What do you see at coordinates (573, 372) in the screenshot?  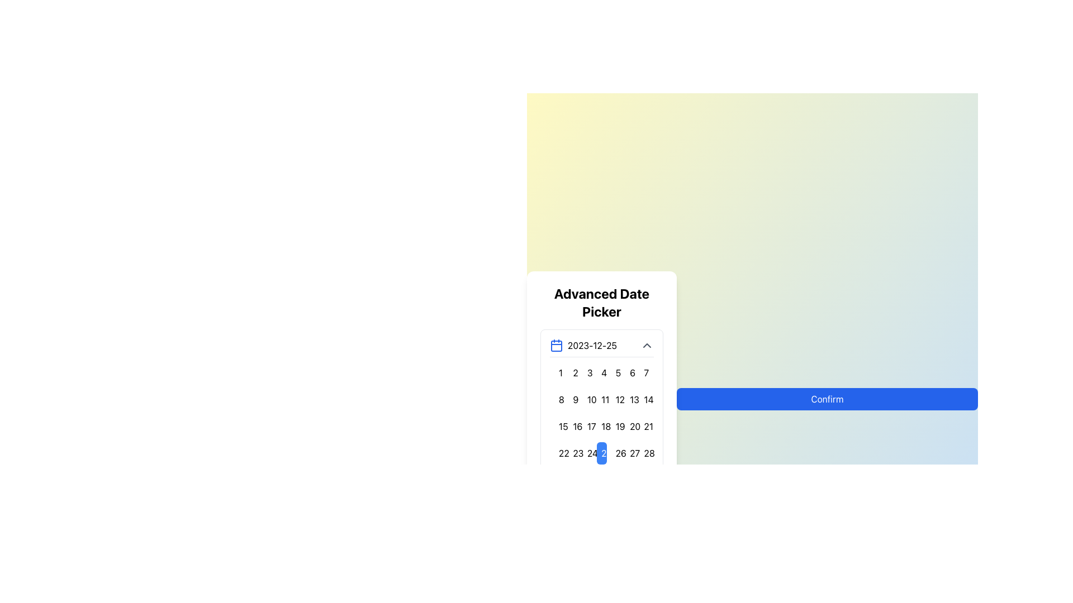 I see `the interactive text element representing the selectable date '2' in the calendar` at bounding box center [573, 372].